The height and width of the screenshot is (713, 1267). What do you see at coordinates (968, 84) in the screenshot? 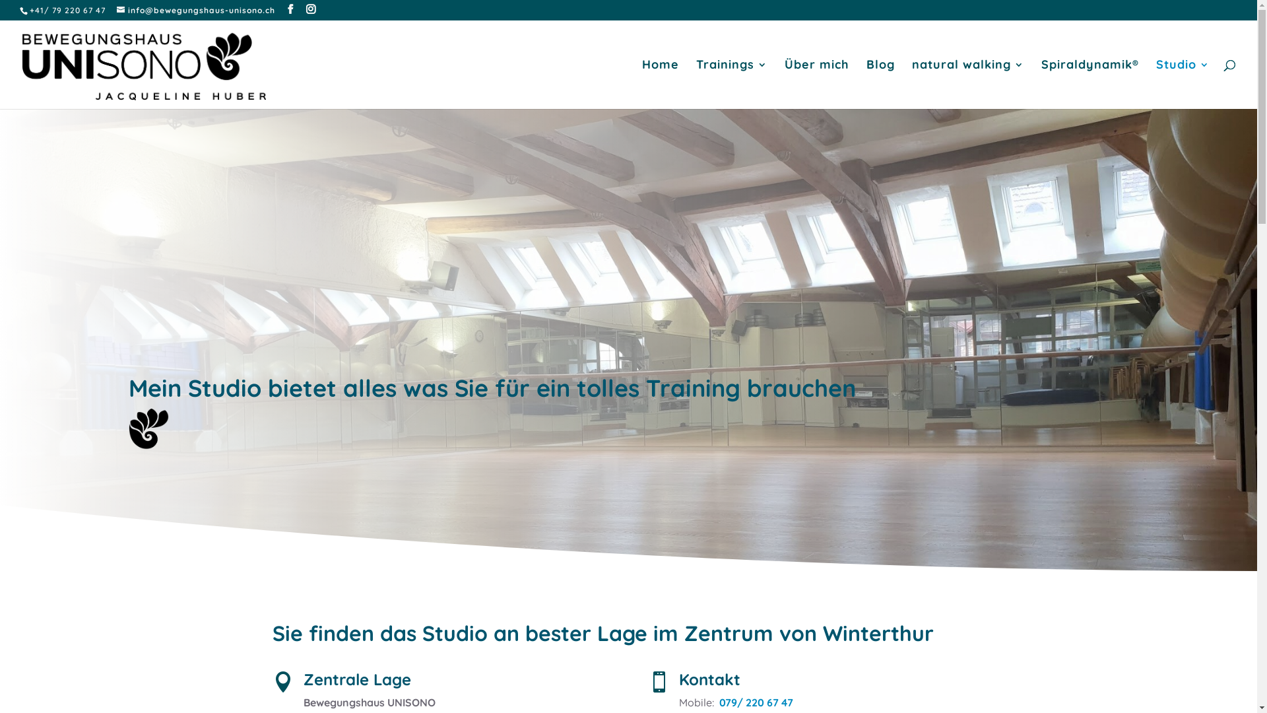
I see `'natural walking'` at bounding box center [968, 84].